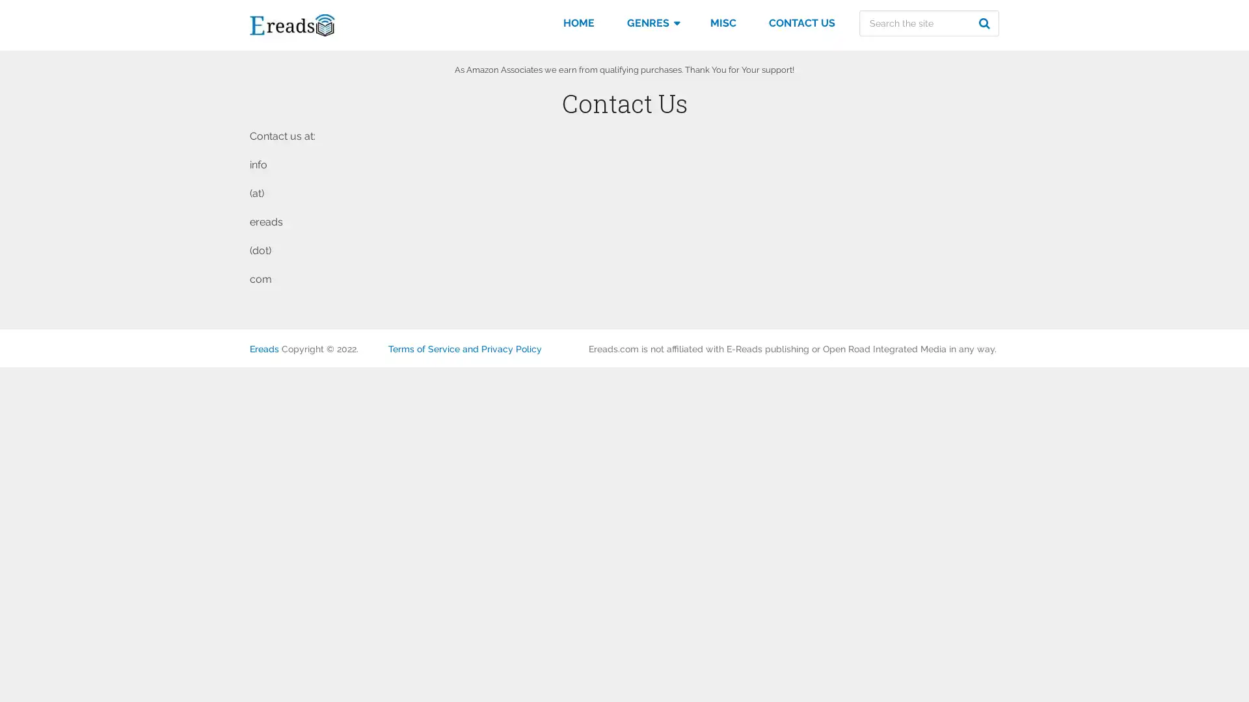 The height and width of the screenshot is (702, 1249). I want to click on Search, so click(986, 23).